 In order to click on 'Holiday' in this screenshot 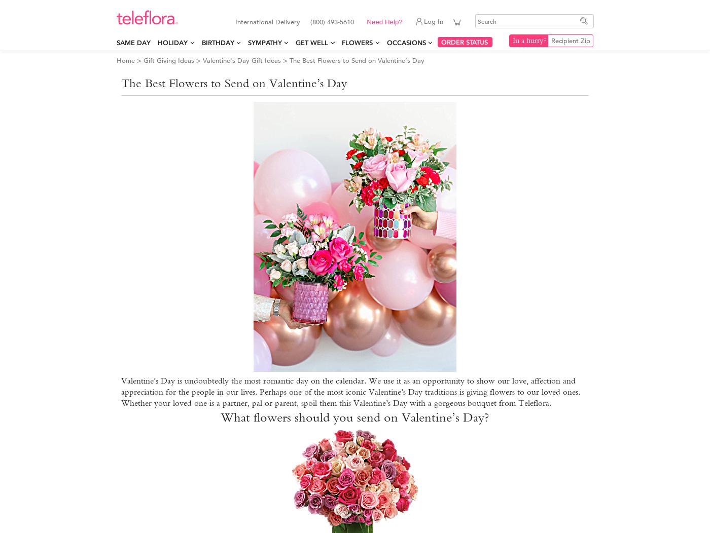, I will do `click(157, 42)`.